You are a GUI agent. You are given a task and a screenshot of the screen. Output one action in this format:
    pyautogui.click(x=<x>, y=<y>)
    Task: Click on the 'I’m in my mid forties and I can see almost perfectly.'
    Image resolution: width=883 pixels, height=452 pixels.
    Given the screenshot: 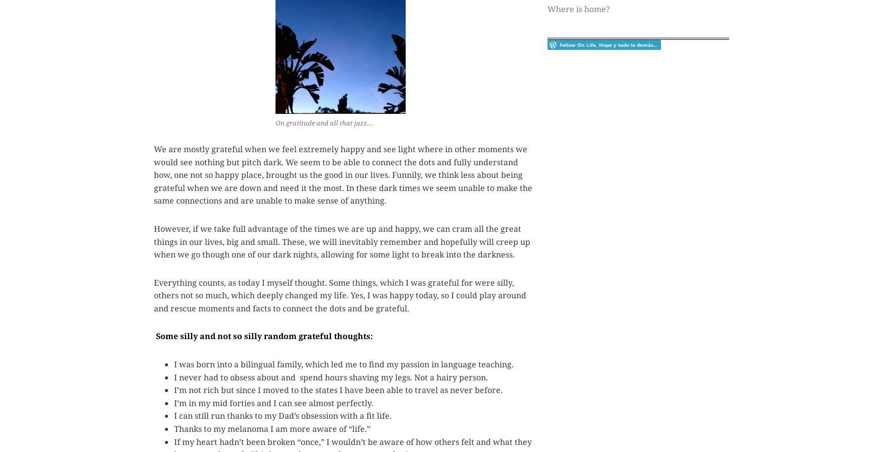 What is the action you would take?
    pyautogui.click(x=273, y=402)
    